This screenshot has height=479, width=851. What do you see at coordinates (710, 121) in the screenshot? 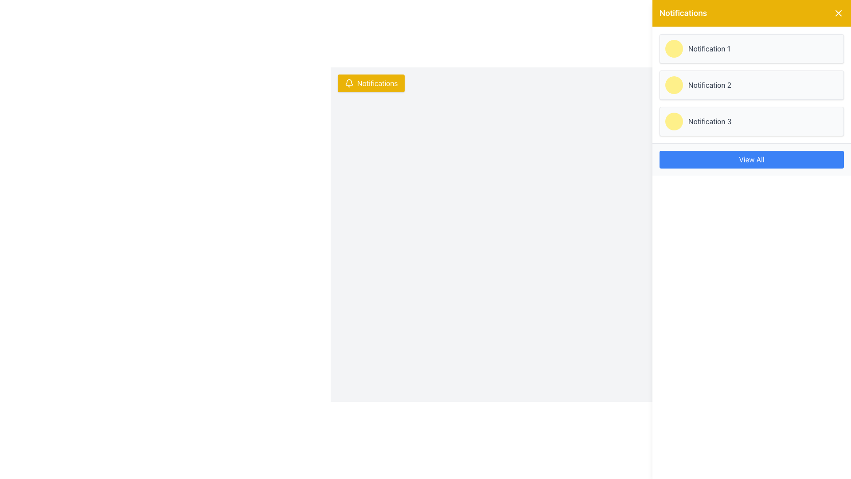
I see `the third notification label in the vertically stacked list of notifications within the yellow and white sidebar` at bounding box center [710, 121].